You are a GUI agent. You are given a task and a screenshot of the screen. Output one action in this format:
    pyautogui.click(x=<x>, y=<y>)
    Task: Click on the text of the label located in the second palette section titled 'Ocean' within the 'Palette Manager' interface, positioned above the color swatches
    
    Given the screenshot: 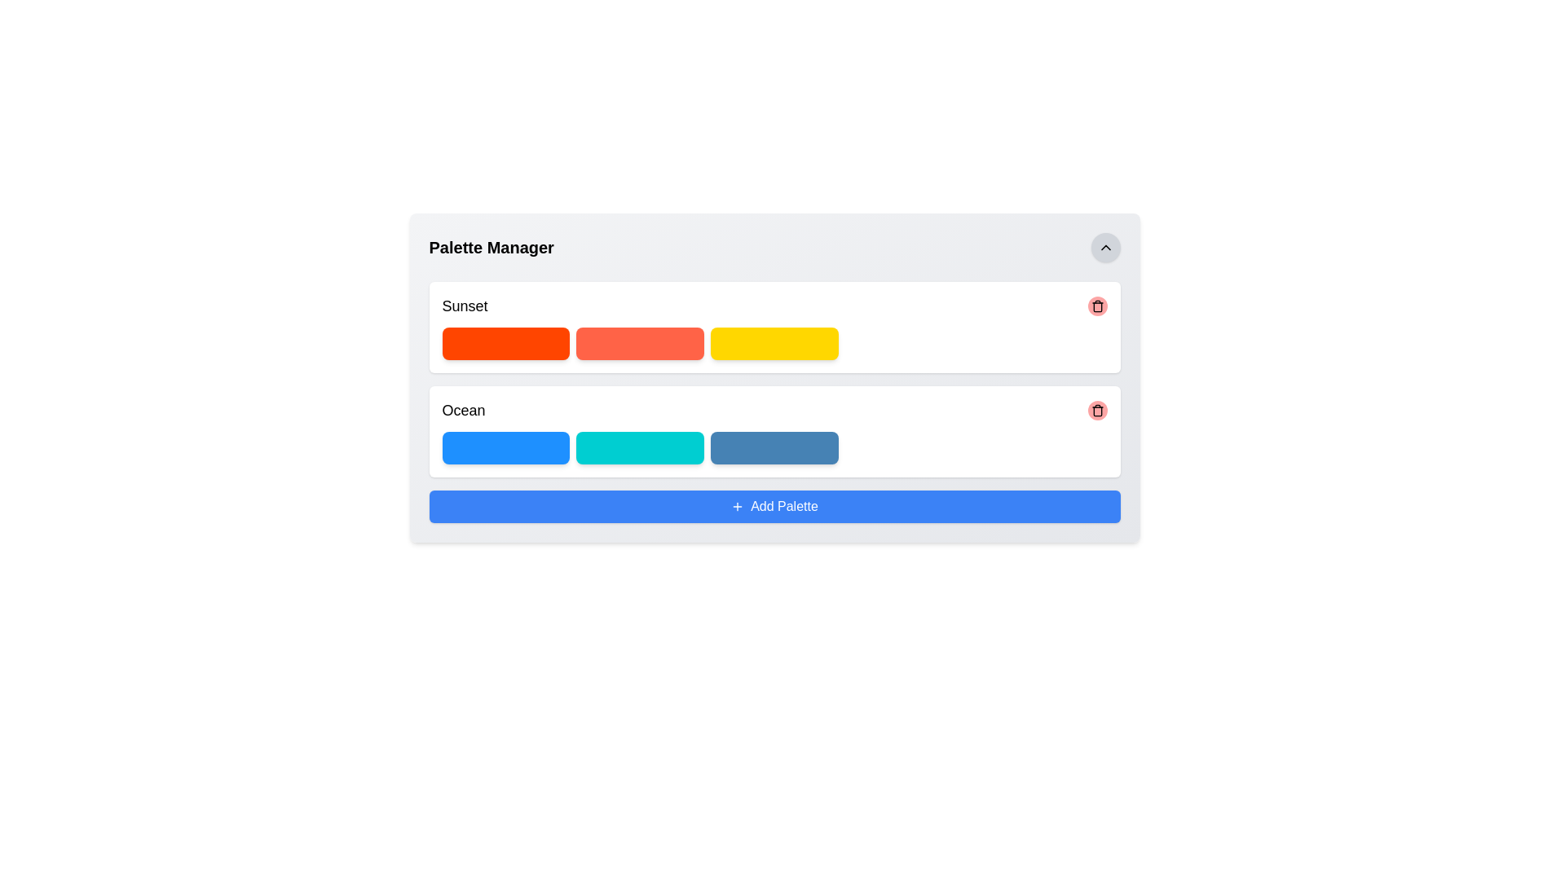 What is the action you would take?
    pyautogui.click(x=463, y=410)
    